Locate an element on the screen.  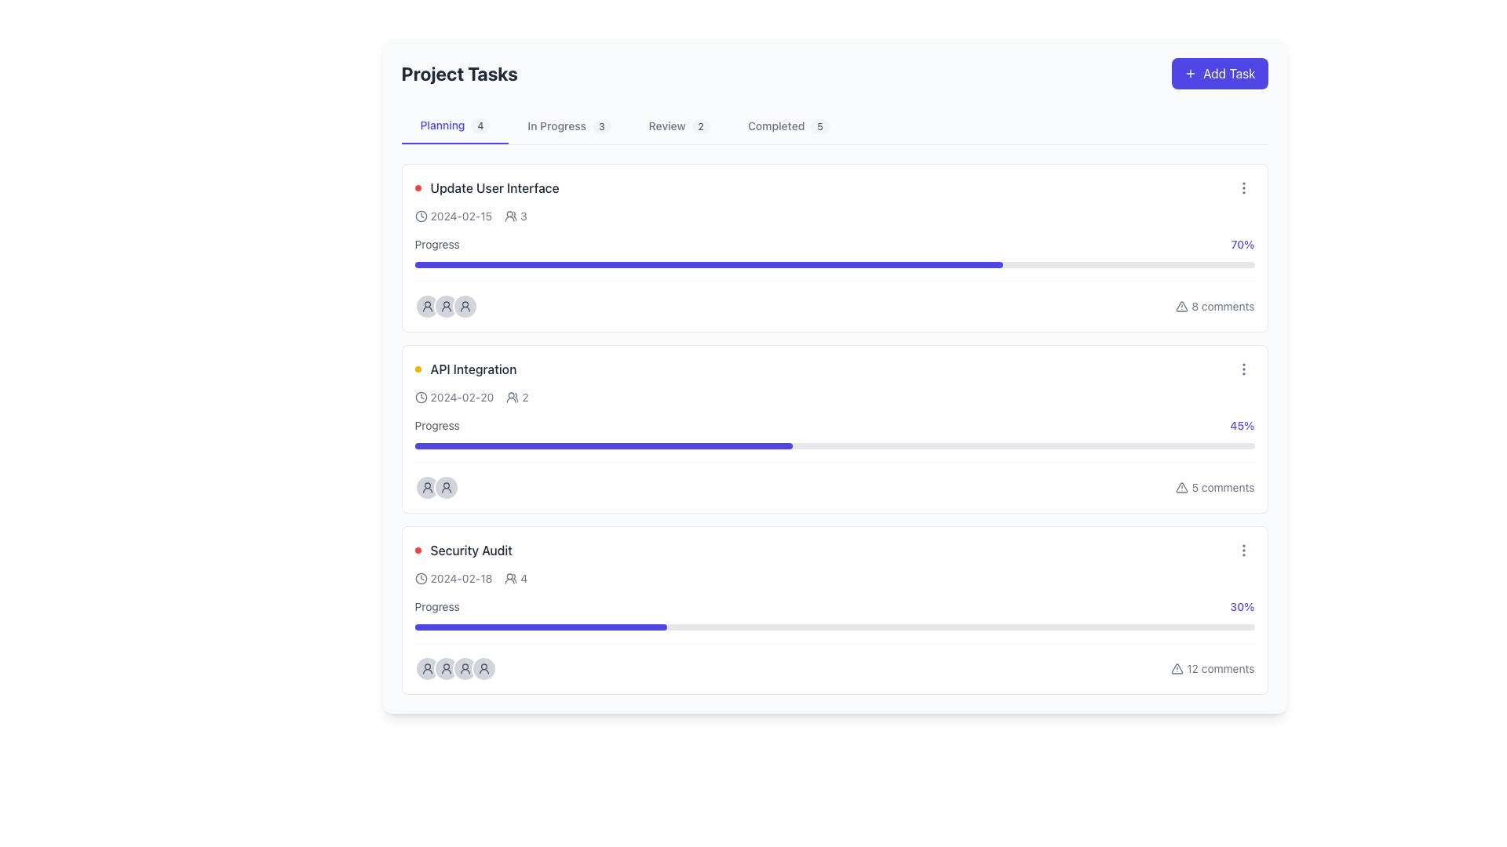
the progress bar labeled 'Progress' with '30%' indicating the completion percentage, located within the 'Security Audit' card is located at coordinates (834, 613).